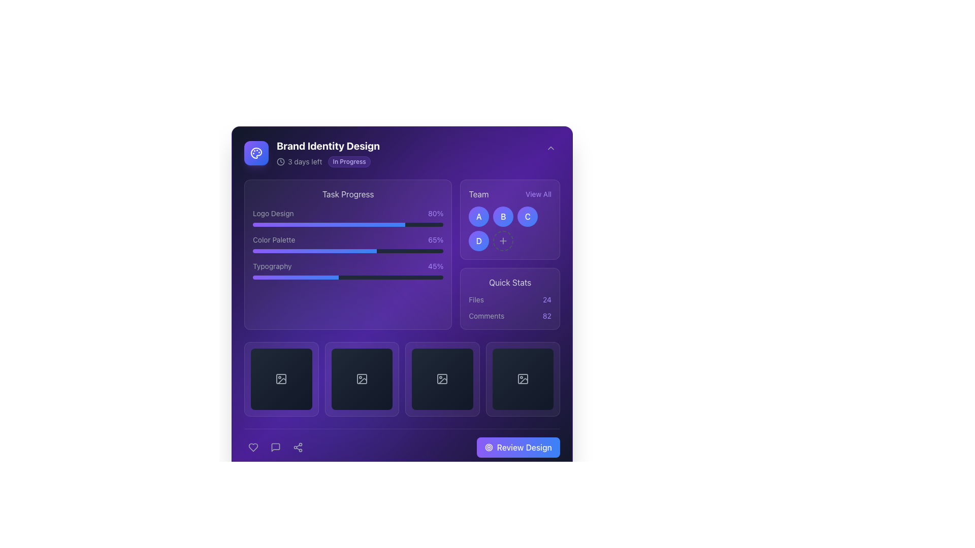 The width and height of the screenshot is (975, 548). Describe the element at coordinates (436, 240) in the screenshot. I see `the text indicator '65%' styled in violet color, located to the right of the 'Color Palette' label in the 'Task Progress' section` at that location.